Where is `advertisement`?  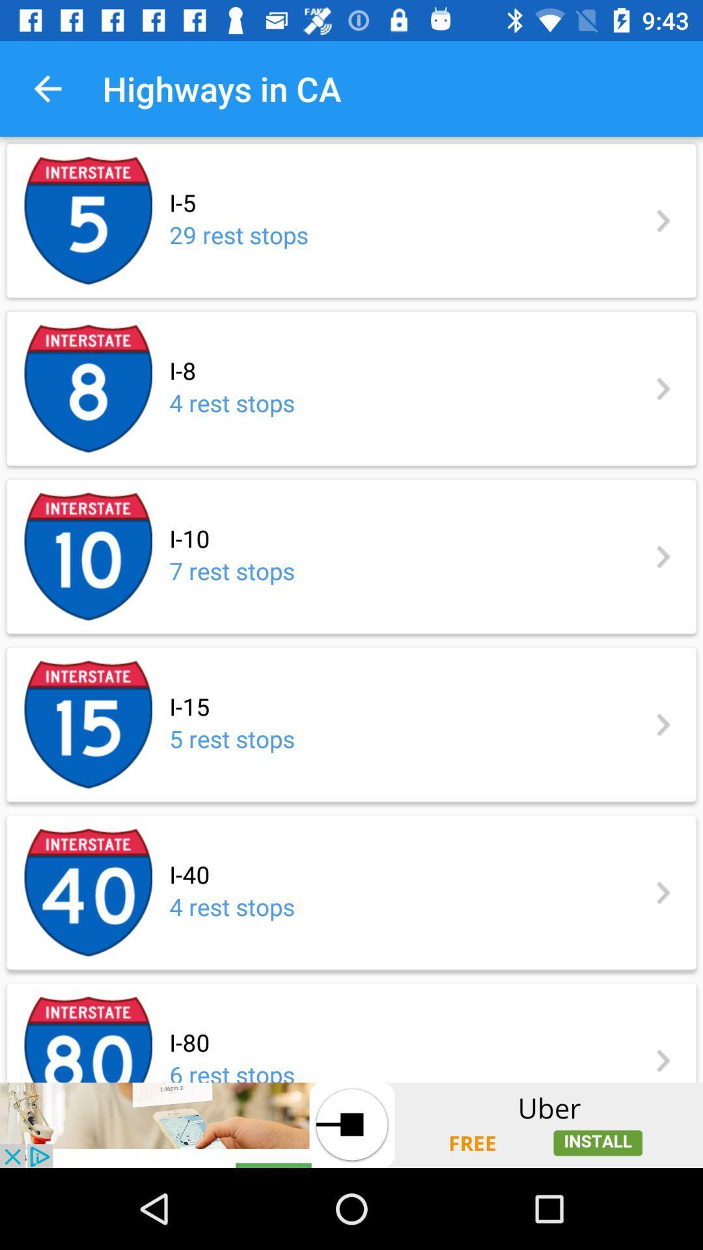 advertisement is located at coordinates (351, 1124).